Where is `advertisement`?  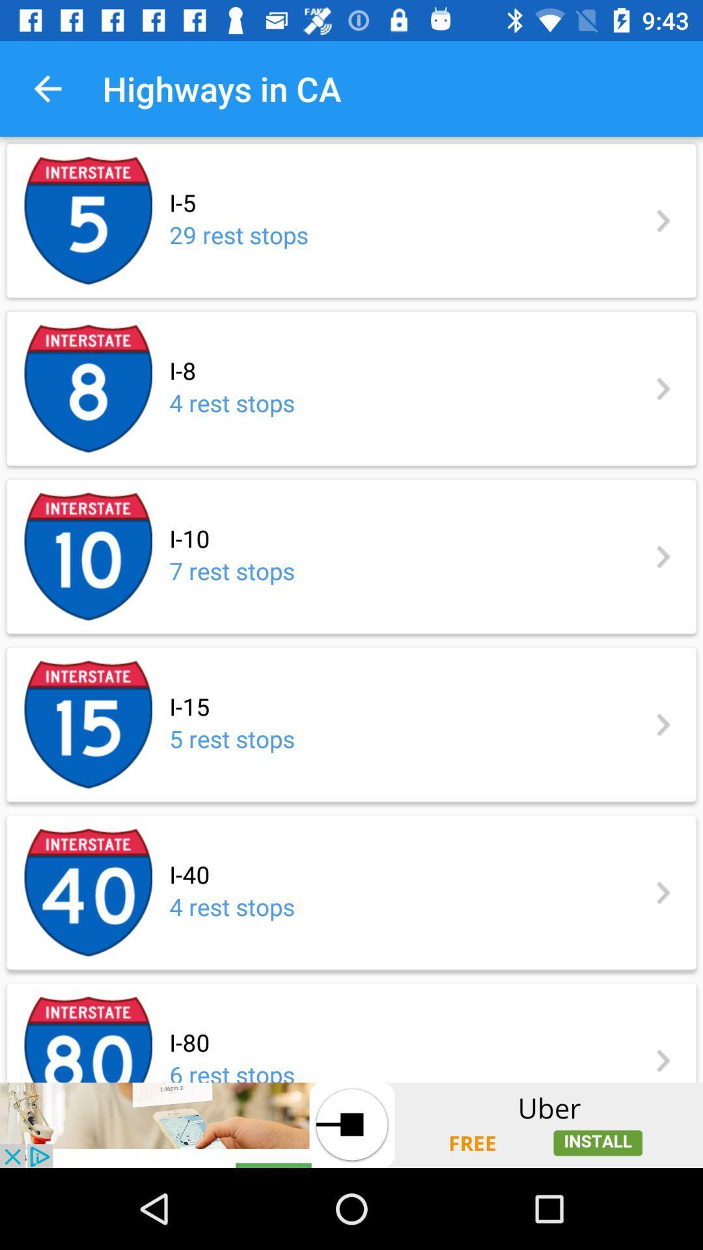 advertisement is located at coordinates (351, 1124).